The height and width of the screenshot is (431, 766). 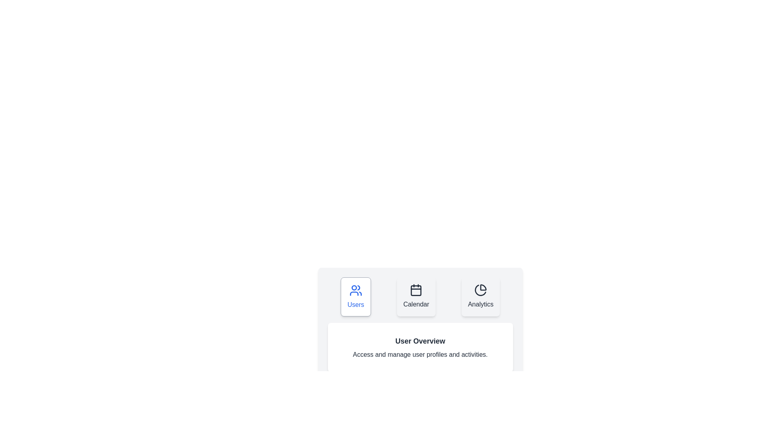 What do you see at coordinates (480, 297) in the screenshot?
I see `the 'Analytics' button, which has a pie chart icon above the text` at bounding box center [480, 297].